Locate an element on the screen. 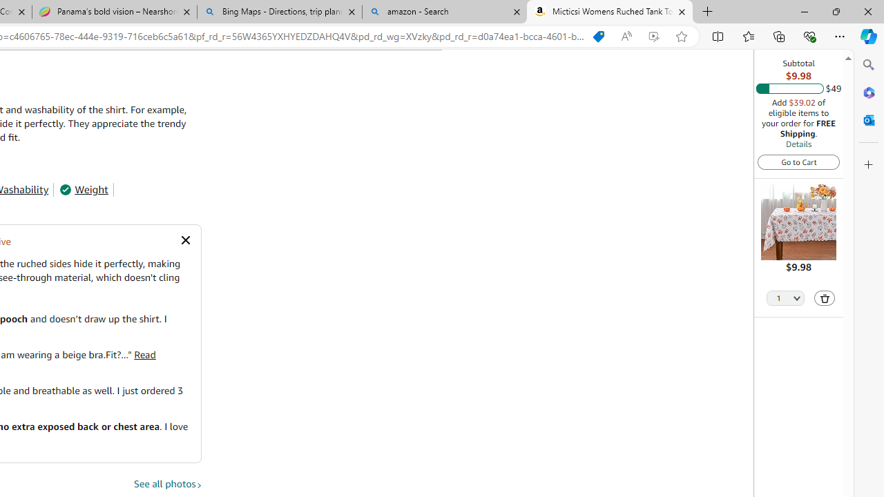 This screenshot has height=497, width=884. 'Shopping in Microsoft Edge' is located at coordinates (599, 36).